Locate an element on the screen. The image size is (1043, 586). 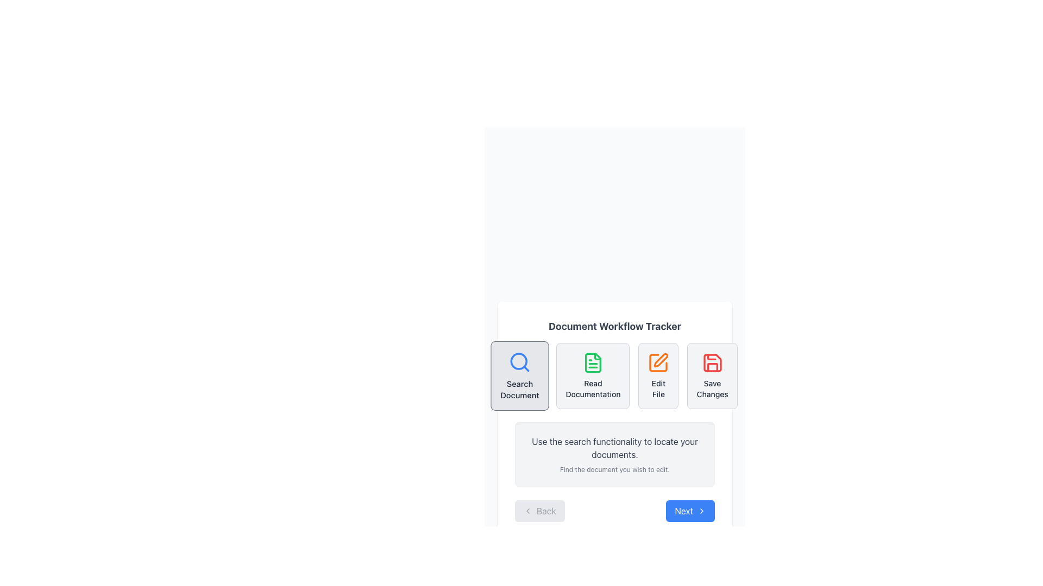
the small right arrow icon within the blue 'Next' button located at the bottom right of the interface is located at coordinates (701, 511).